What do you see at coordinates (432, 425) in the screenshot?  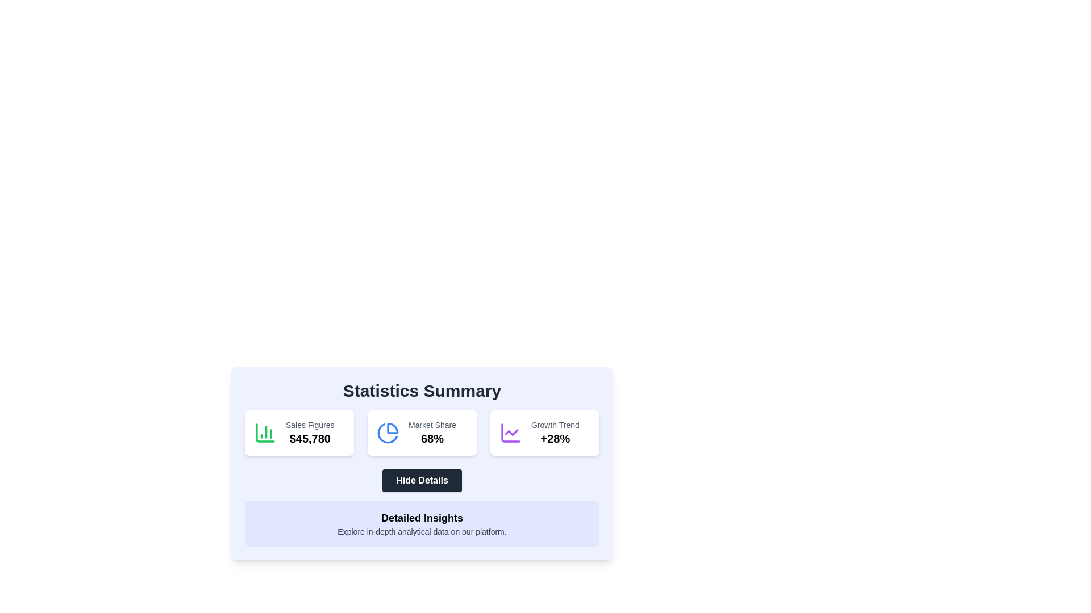 I see `the text label displaying 'Market Share' which is positioned above the numeric percentage '68%' in the middle column of the small card` at bounding box center [432, 425].